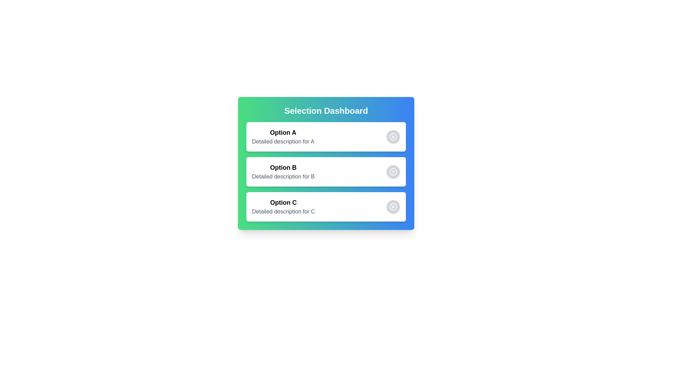 This screenshot has width=673, height=378. What do you see at coordinates (393, 136) in the screenshot?
I see `the choice corresponding to Option A by clicking its button` at bounding box center [393, 136].